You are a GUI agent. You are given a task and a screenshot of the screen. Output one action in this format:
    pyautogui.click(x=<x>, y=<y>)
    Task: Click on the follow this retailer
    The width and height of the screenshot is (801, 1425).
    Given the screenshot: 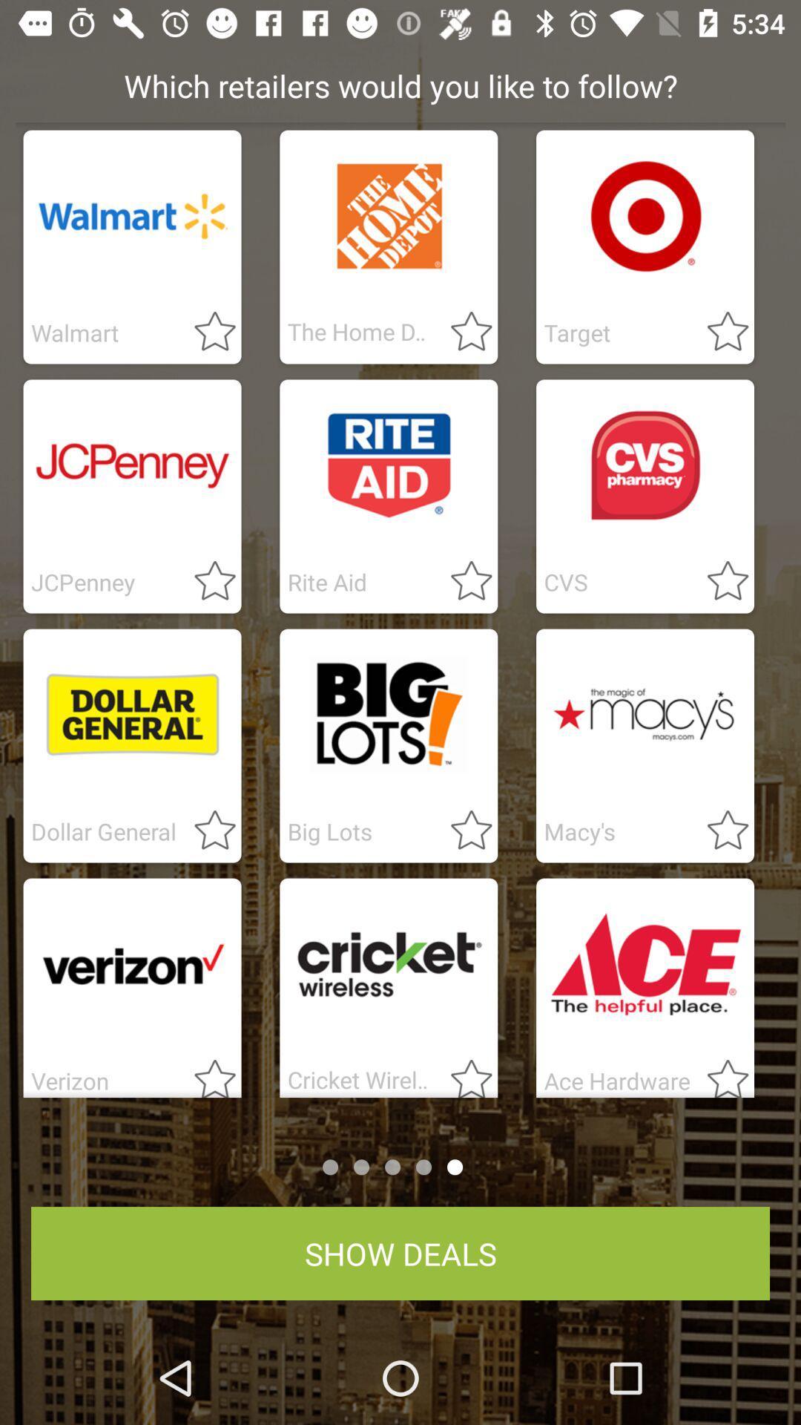 What is the action you would take?
    pyautogui.click(x=206, y=831)
    